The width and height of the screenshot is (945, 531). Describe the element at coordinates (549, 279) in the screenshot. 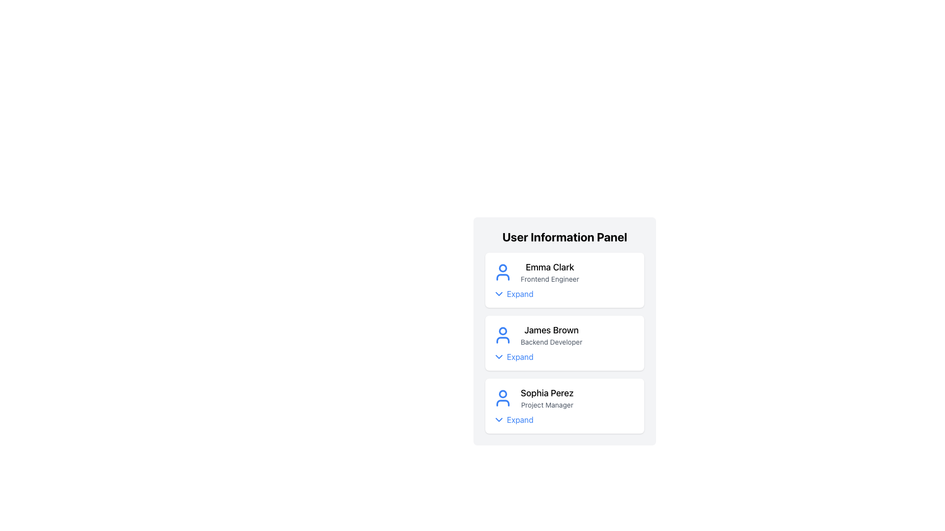

I see `the non-interactive label displaying the job title or role of the user 'Emma Clark', located in the user information panel below the name` at that location.